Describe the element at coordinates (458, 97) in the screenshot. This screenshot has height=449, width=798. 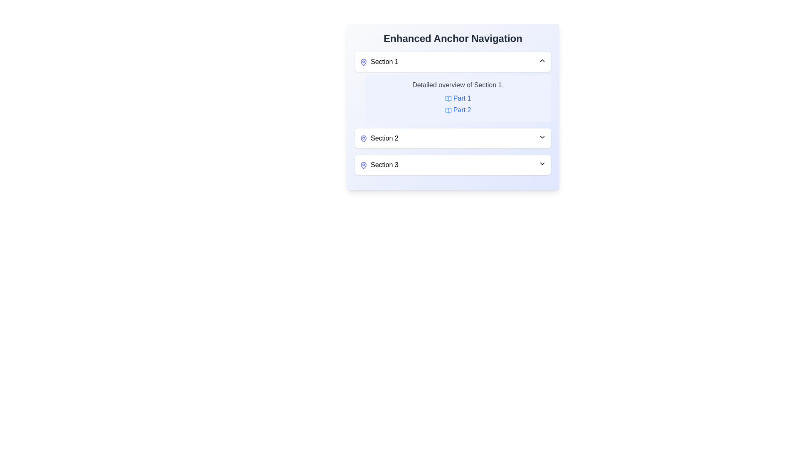
I see `the hyperlink that navigates to '#part1', located within the 'Detailed overview of Section 1.' content box, directly below the 'Section 1' collapsible heading and to the right of a blue book icon` at that location.